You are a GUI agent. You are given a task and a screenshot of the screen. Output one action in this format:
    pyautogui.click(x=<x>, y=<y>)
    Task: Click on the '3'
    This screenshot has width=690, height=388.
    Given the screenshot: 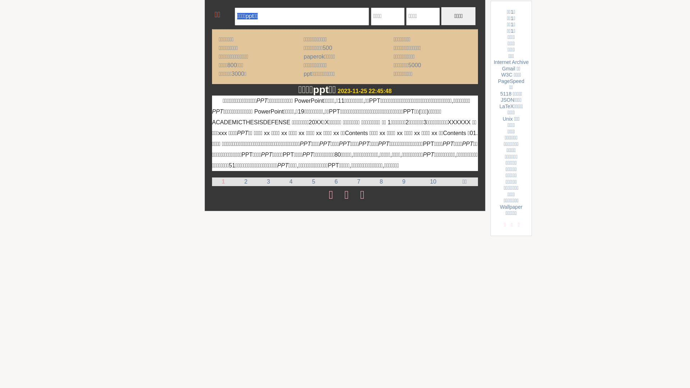 What is the action you would take?
    pyautogui.click(x=268, y=181)
    